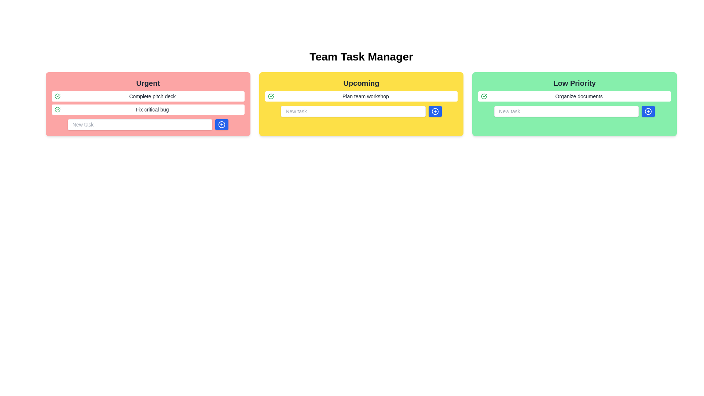 Image resolution: width=704 pixels, height=396 pixels. I want to click on the list item displaying the text 'Plan team workshop' with a green check icon, so click(361, 96).